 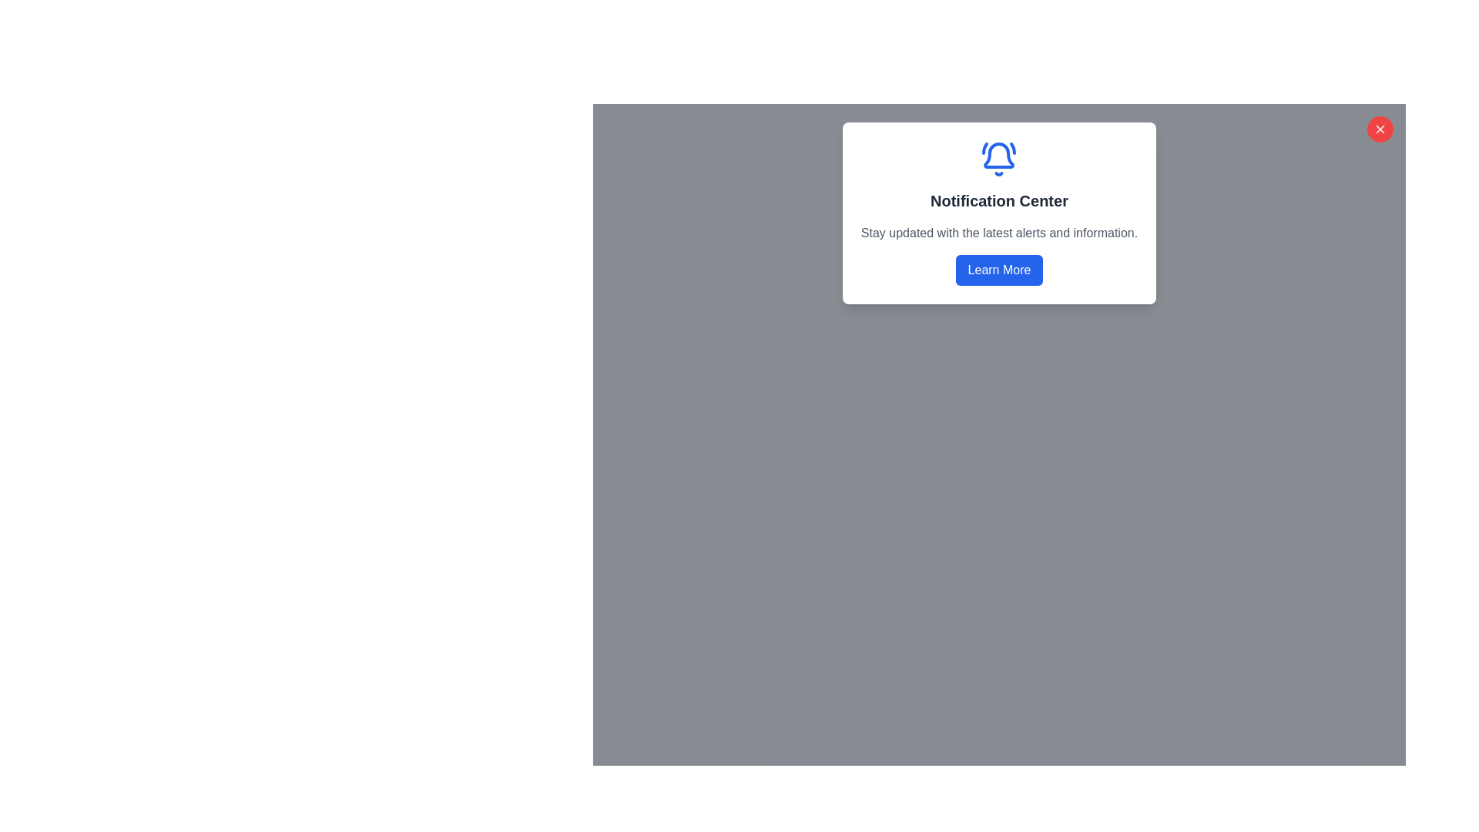 What do you see at coordinates (1380, 129) in the screenshot?
I see `the Close Icon located at the top-right corner of the modal dialog box next to 'Notification Center'` at bounding box center [1380, 129].